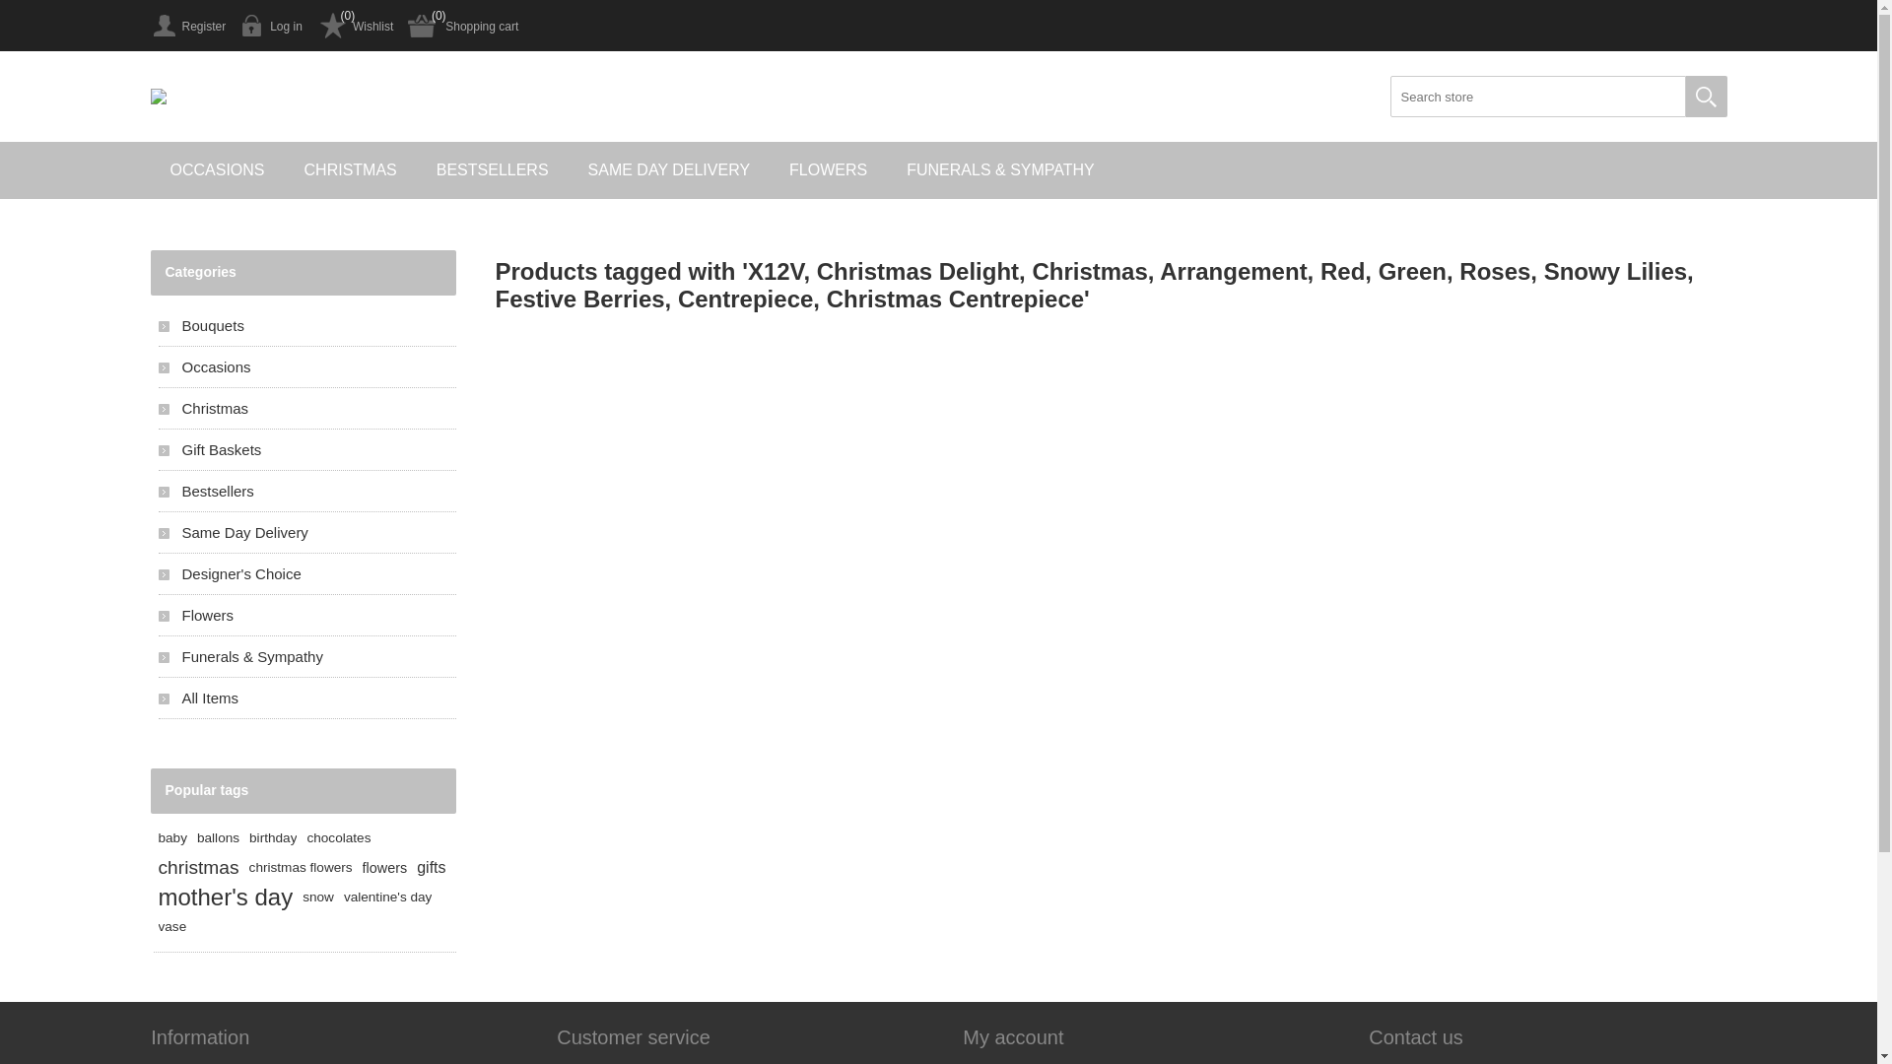 The height and width of the screenshot is (1064, 1892). I want to click on 'ballons', so click(218, 838).